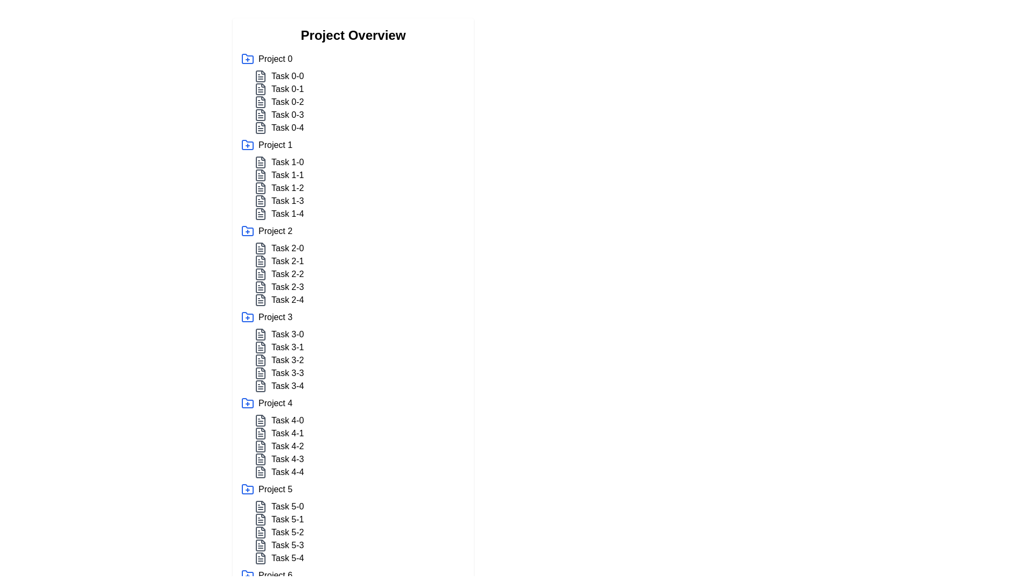 Image resolution: width=1034 pixels, height=581 pixels. Describe the element at coordinates (261, 557) in the screenshot. I see `the gray rectangular document icon within the SVG` at that location.